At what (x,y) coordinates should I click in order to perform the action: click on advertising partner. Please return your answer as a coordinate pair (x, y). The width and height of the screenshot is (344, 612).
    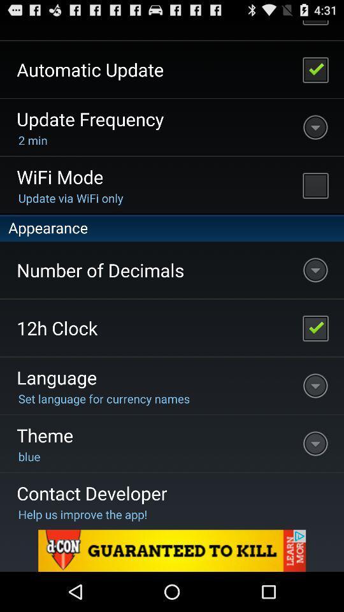
    Looking at the image, I should click on (172, 550).